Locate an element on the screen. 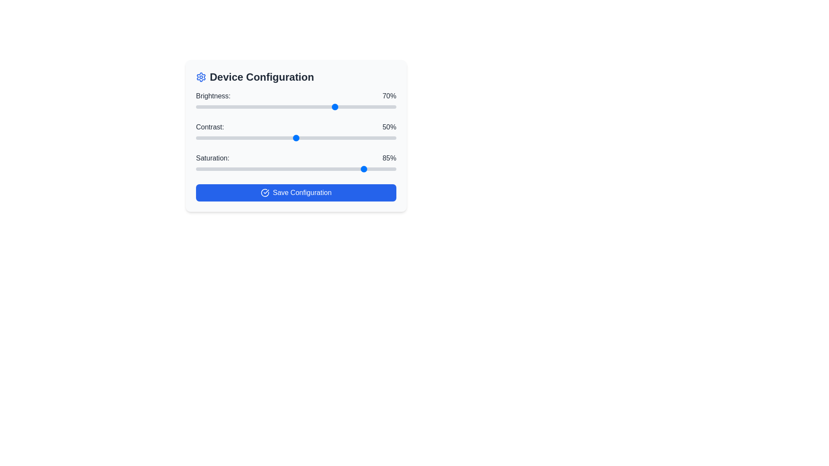 The image size is (829, 466). the contrast is located at coordinates (208, 138).